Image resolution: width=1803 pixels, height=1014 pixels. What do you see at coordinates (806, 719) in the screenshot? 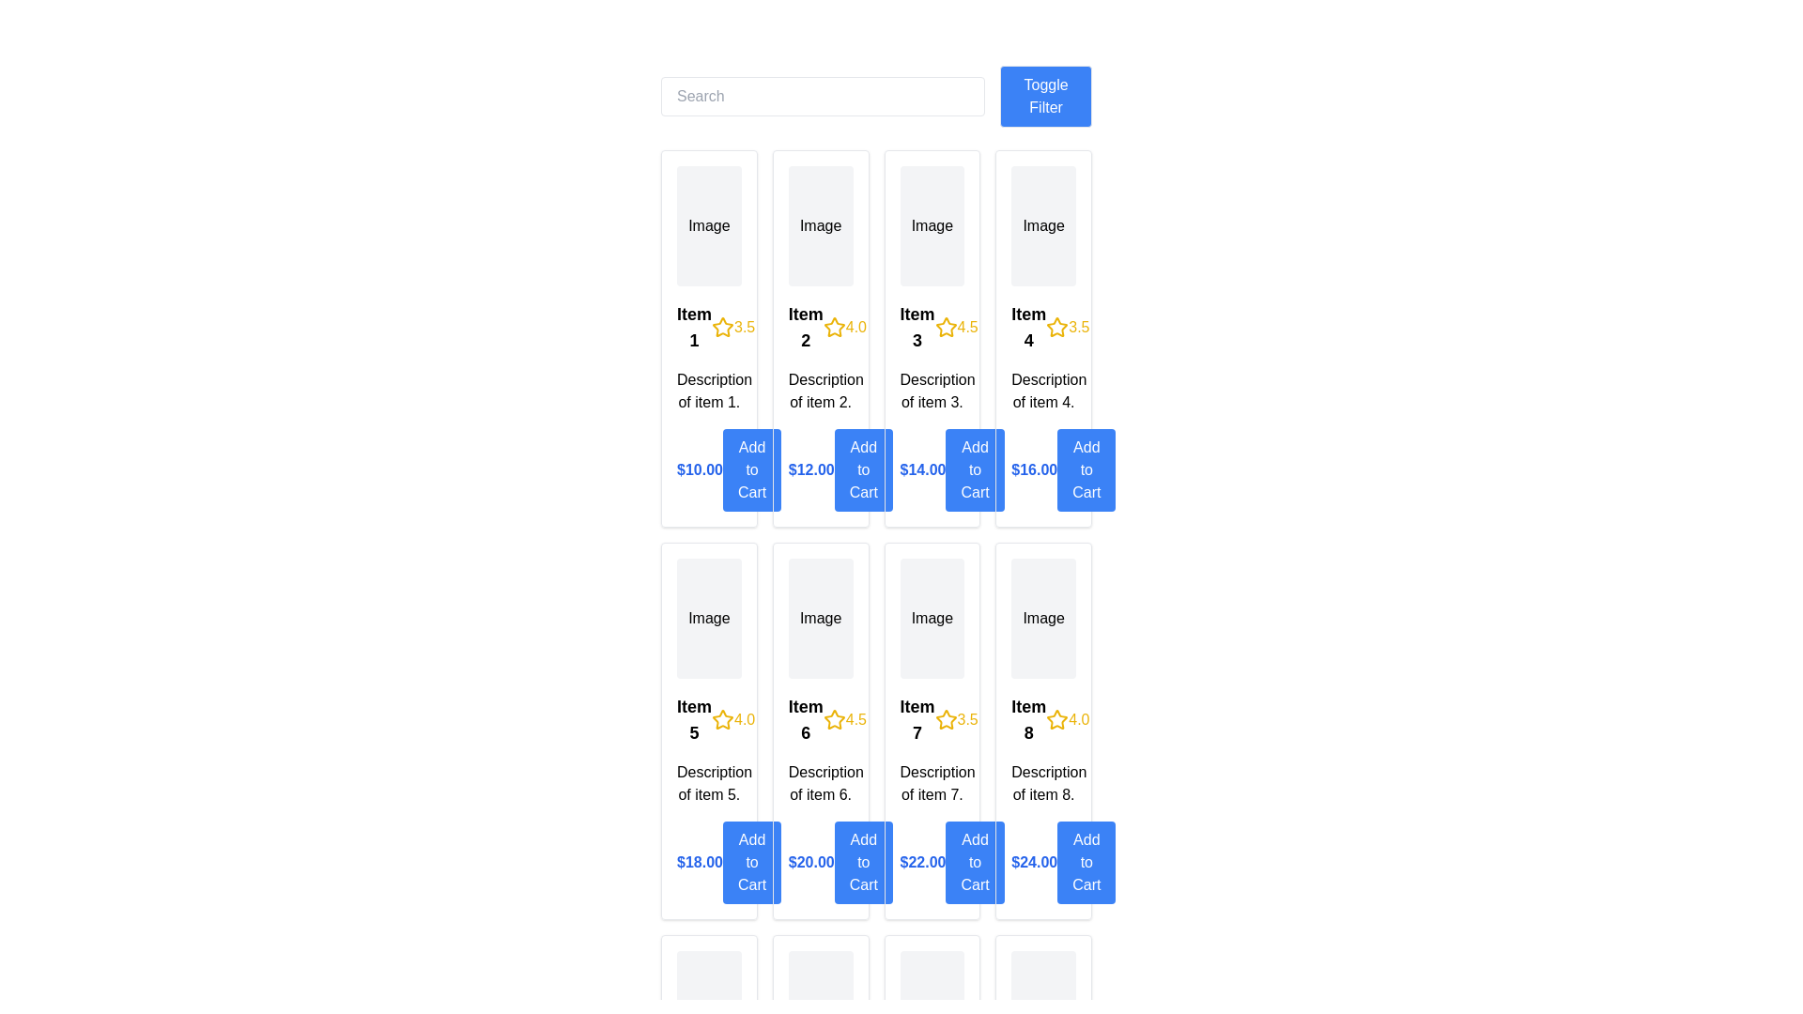
I see `the bold and large text label displaying 'Item 6', which is positioned to the left of the rating value '4.5' and an adjacent star icon` at bounding box center [806, 719].